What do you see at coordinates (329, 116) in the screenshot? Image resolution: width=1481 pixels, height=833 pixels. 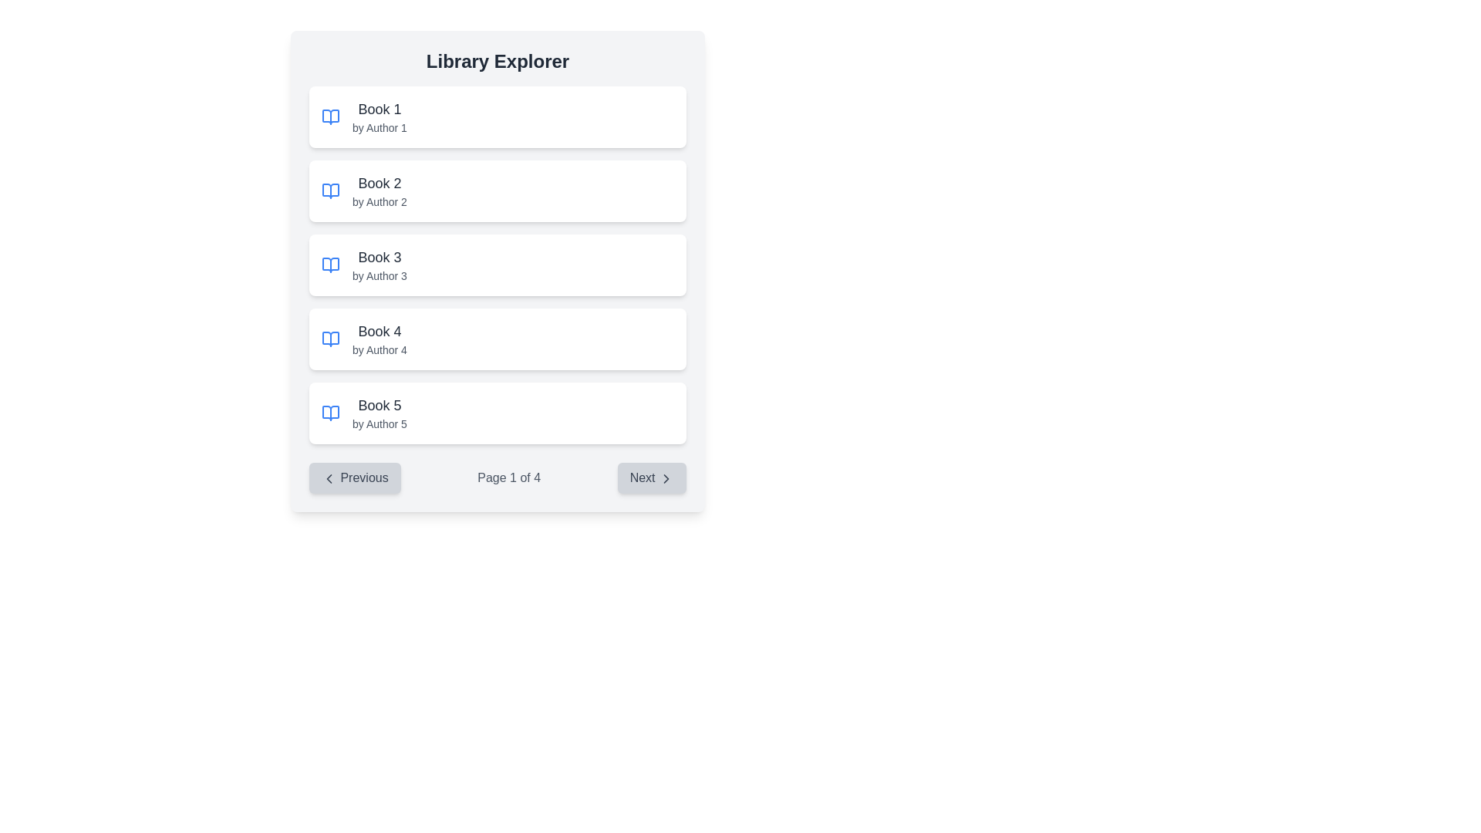 I see `the graphic/icon representing 'Book 1 by Author 1' in the library explorer list to assist users in identifying it quickly` at bounding box center [329, 116].